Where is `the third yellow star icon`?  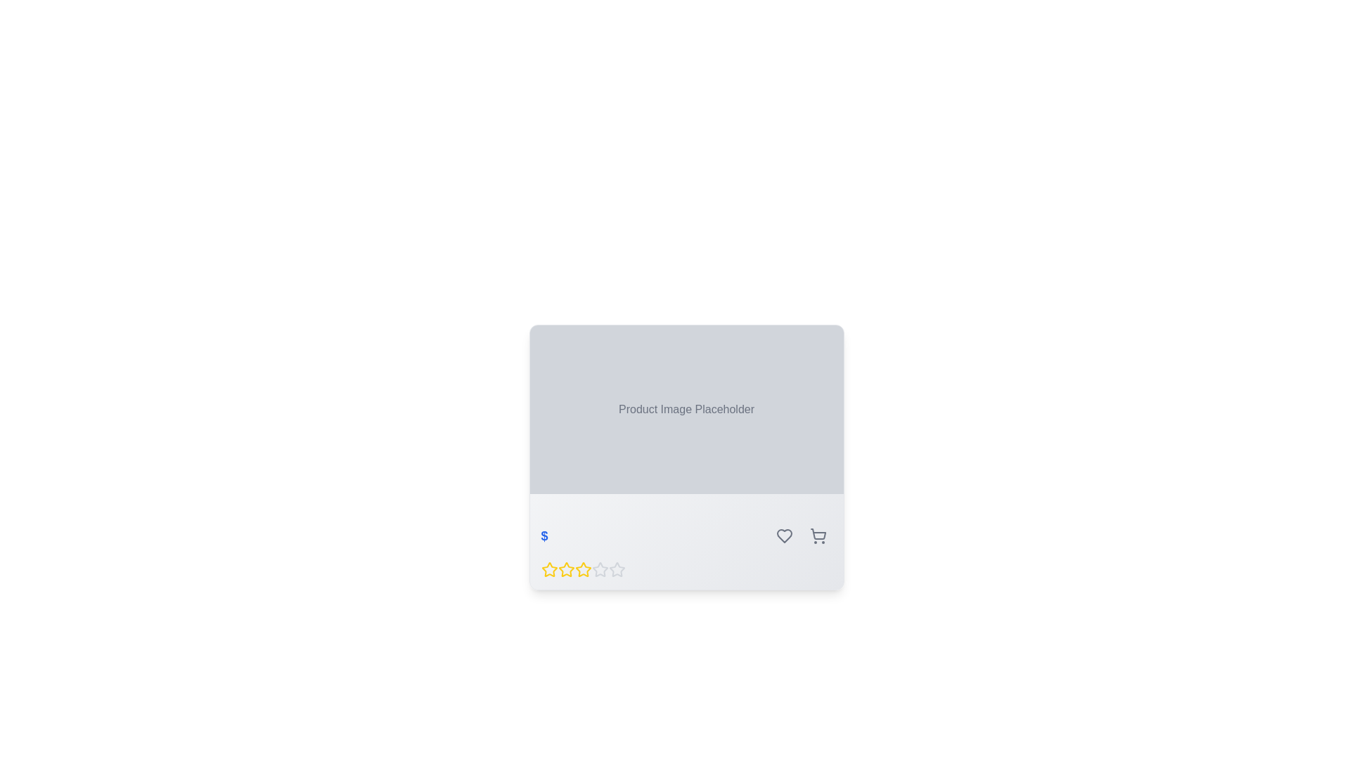
the third yellow star icon is located at coordinates (583, 569).